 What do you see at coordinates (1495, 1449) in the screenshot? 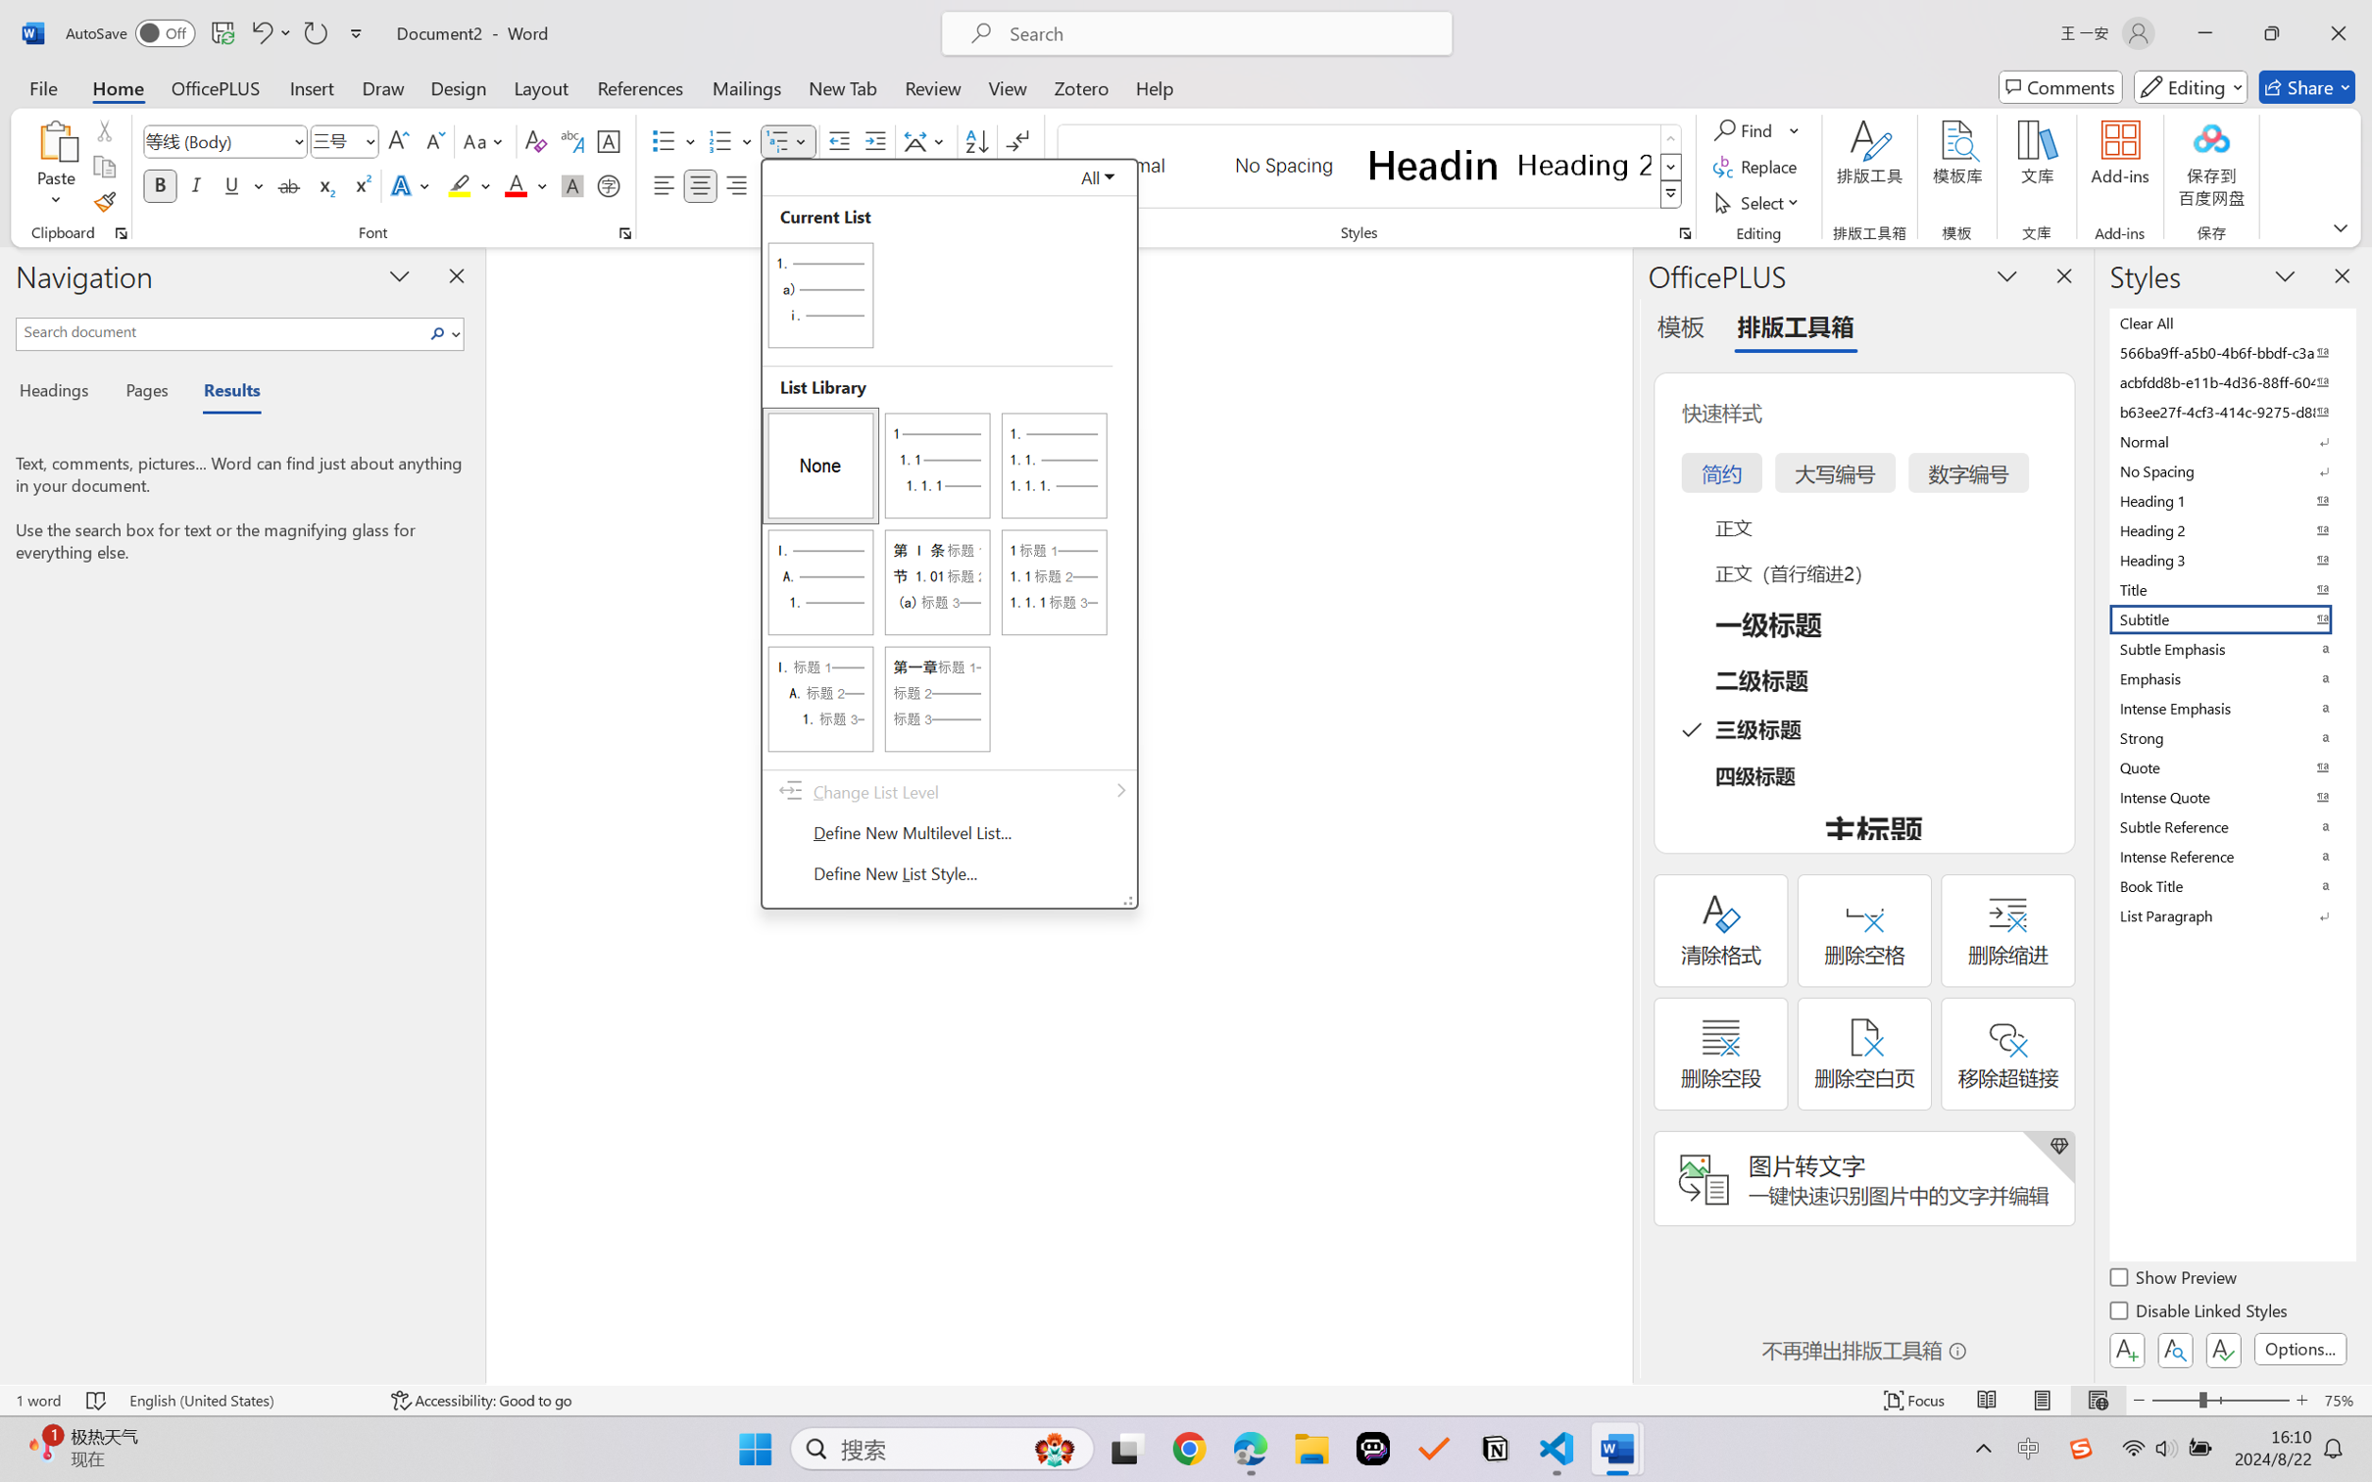
I see `'Notion'` at bounding box center [1495, 1449].